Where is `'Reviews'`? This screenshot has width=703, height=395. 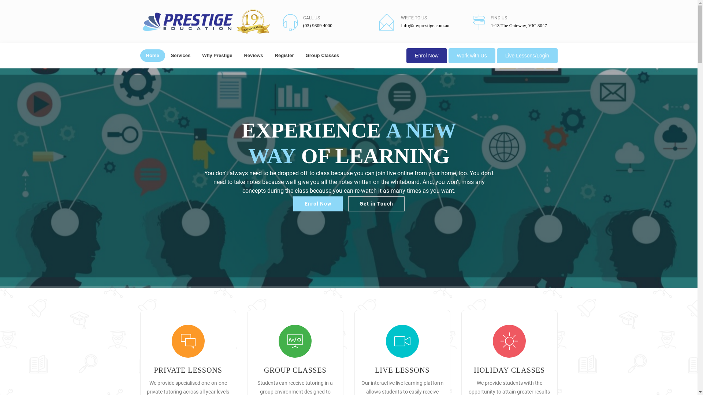
'Reviews' is located at coordinates (238, 55).